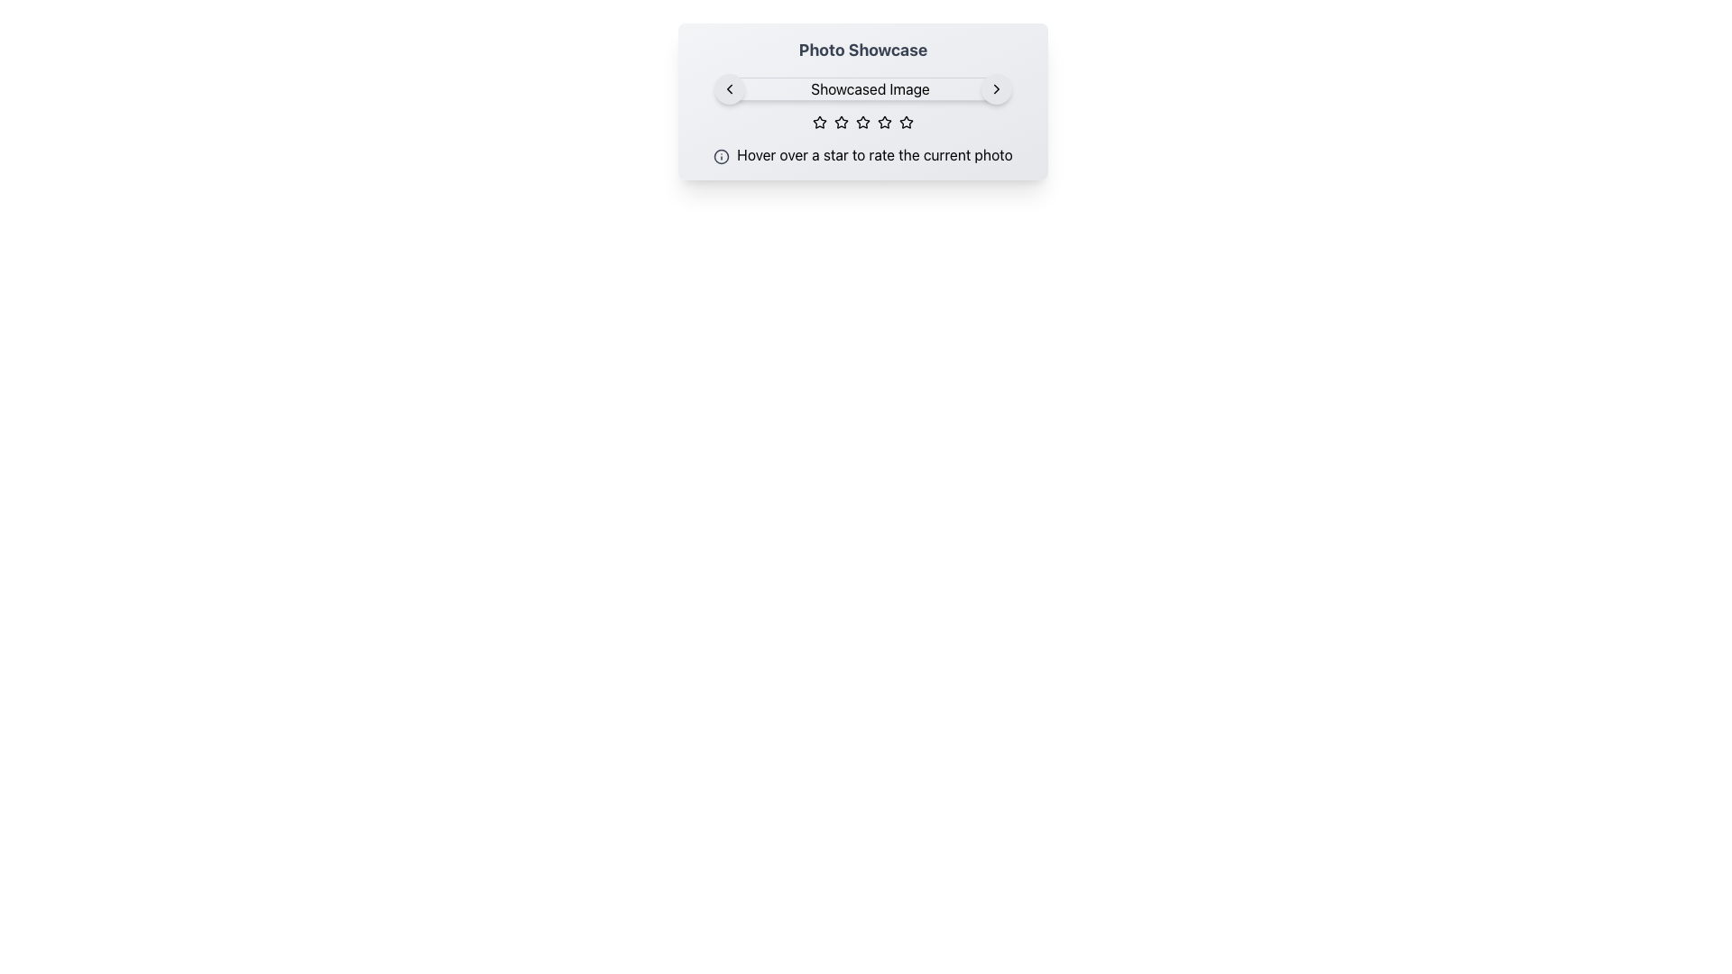  Describe the element at coordinates (861, 122) in the screenshot. I see `the Rating Component` at that location.